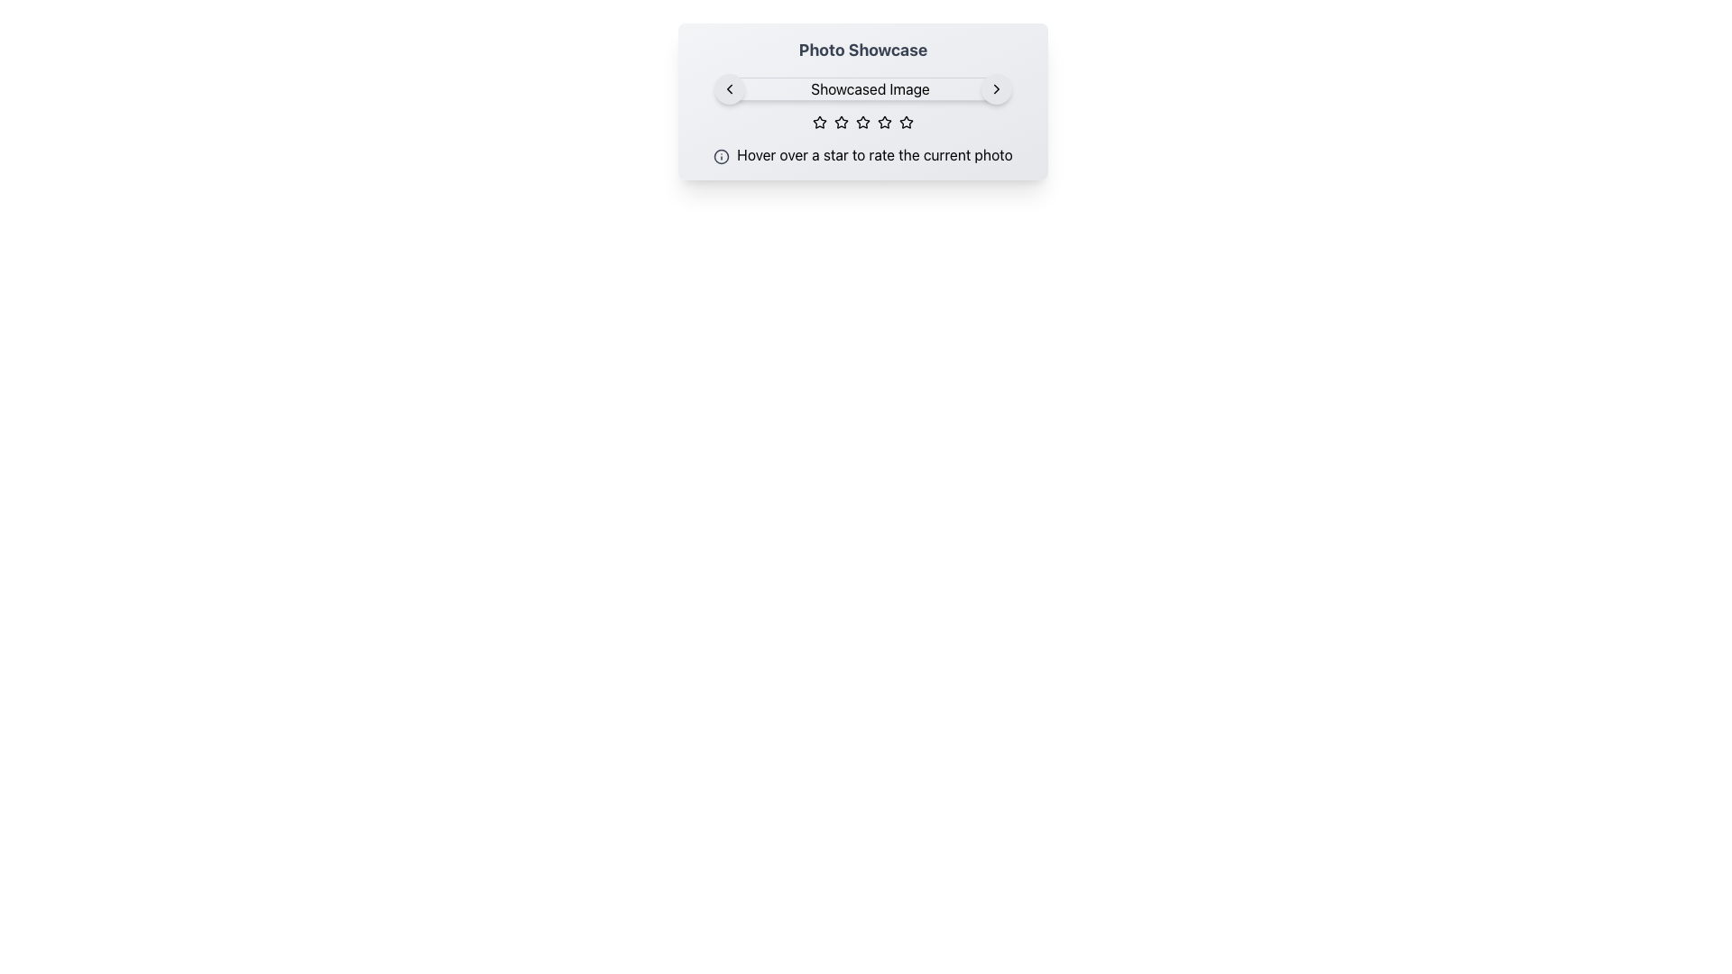  Describe the element at coordinates (861, 122) in the screenshot. I see `the Rating Component` at that location.